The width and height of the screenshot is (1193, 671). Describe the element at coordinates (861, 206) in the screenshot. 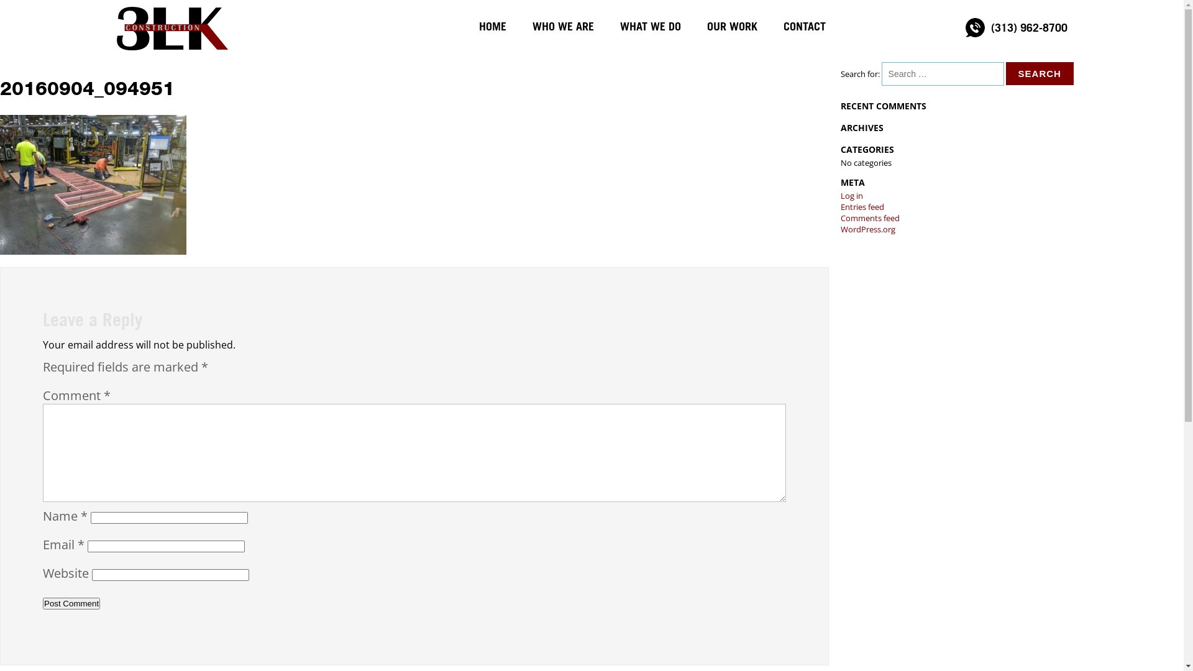

I see `'Entries feed'` at that location.